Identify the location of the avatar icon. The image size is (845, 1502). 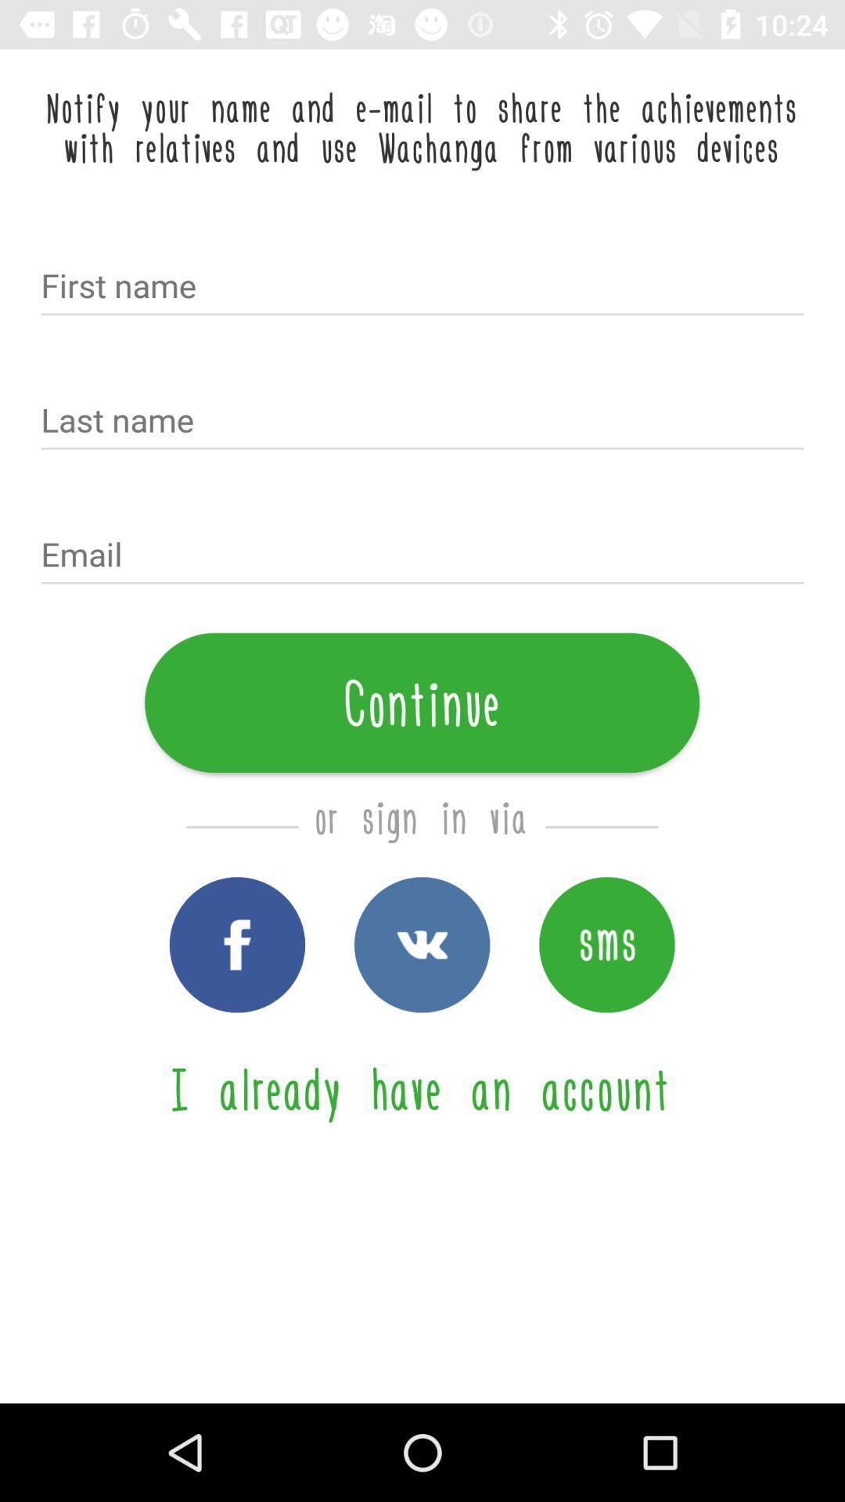
(606, 943).